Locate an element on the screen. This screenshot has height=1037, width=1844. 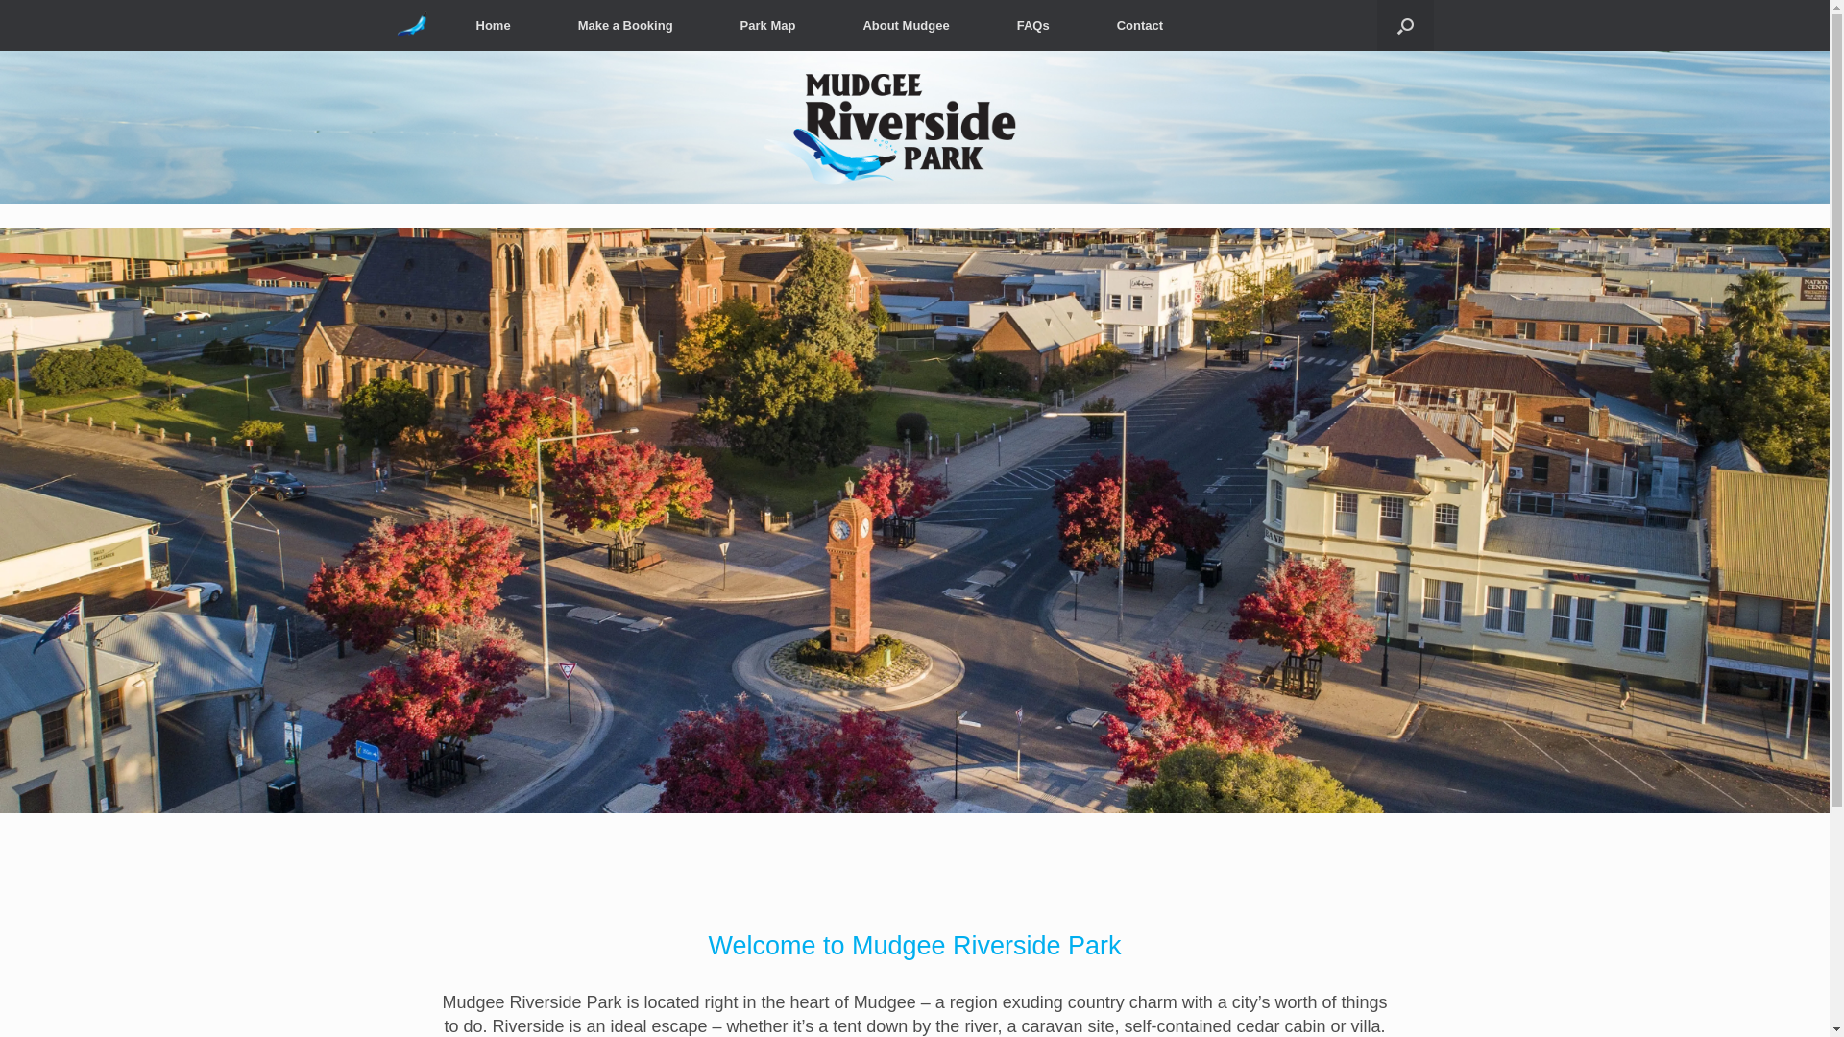
'Park Map' is located at coordinates (768, 25).